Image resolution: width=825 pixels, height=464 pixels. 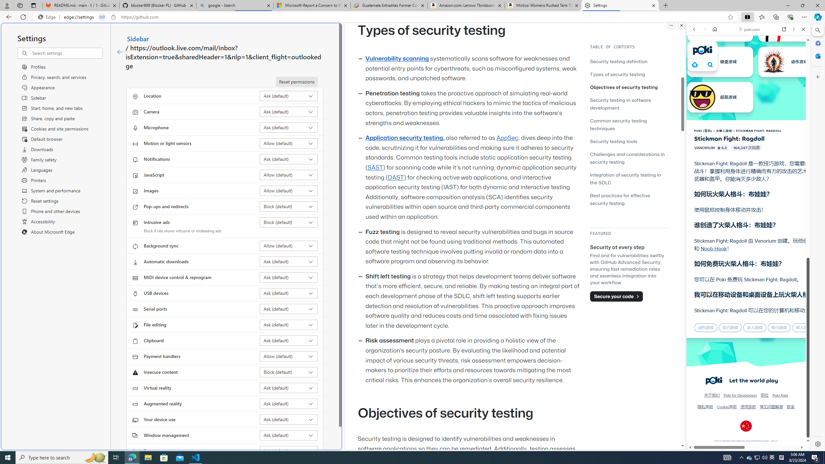 I want to click on 'Security testing tools', so click(x=628, y=141).